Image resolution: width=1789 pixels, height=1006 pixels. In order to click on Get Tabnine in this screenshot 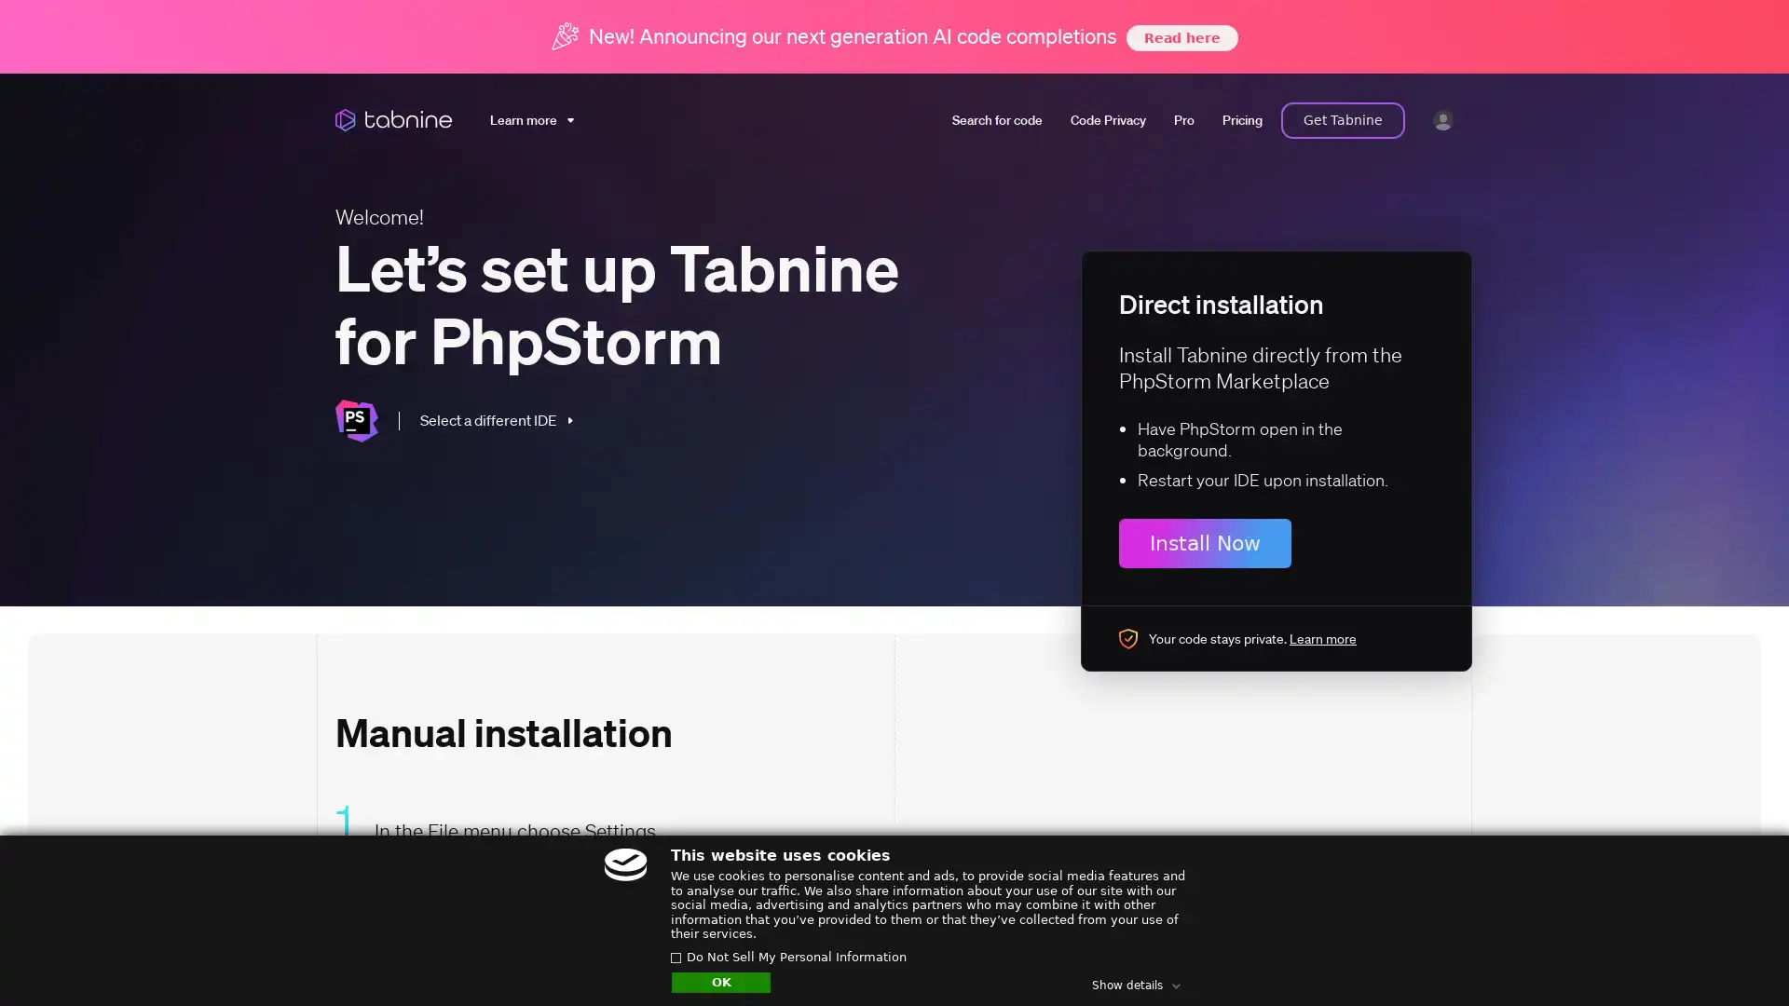, I will do `click(1343, 119)`.